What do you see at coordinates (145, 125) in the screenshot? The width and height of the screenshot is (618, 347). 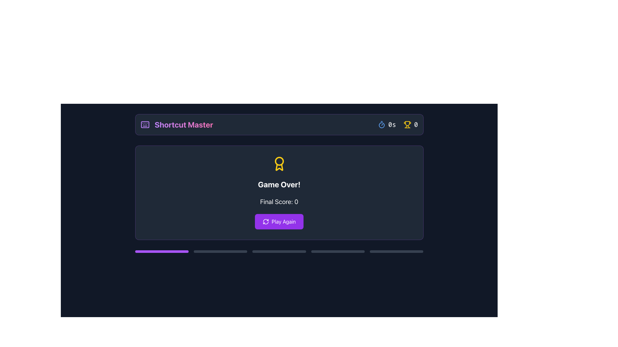 I see `the purple keyboard icon located at the top-left corner of the interface, adjacent to the 'Shortcut Master' text` at bounding box center [145, 125].